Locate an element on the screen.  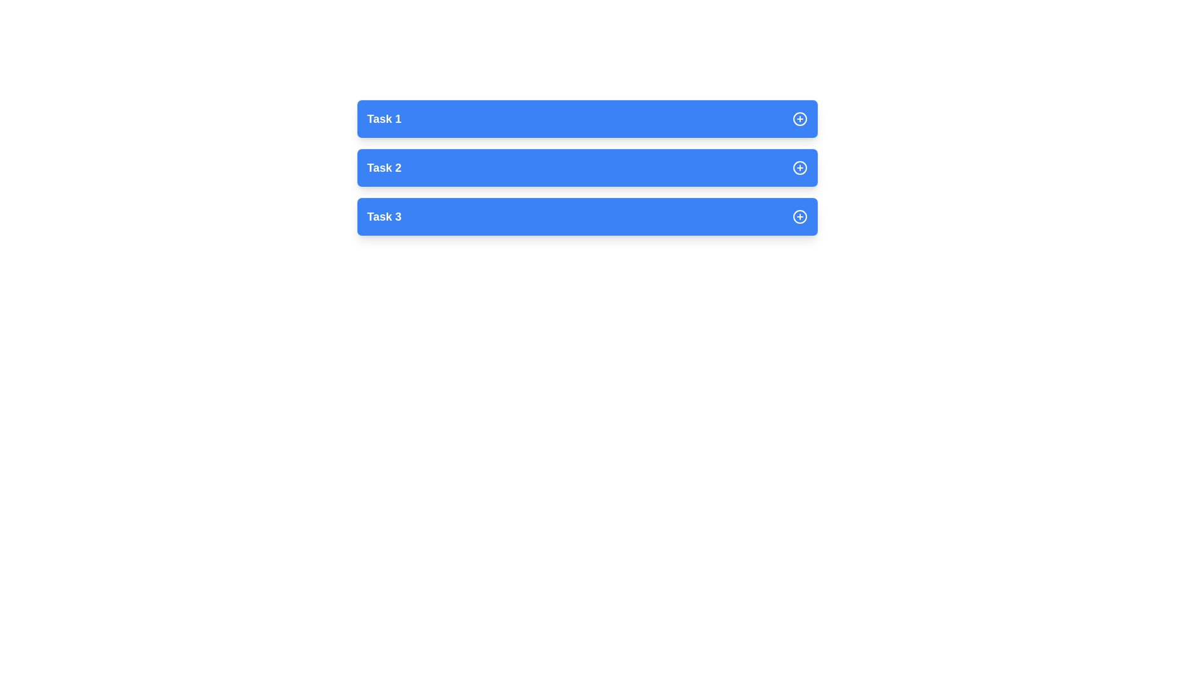
the interactive list item associated with 'Task 3' is located at coordinates (586, 216).